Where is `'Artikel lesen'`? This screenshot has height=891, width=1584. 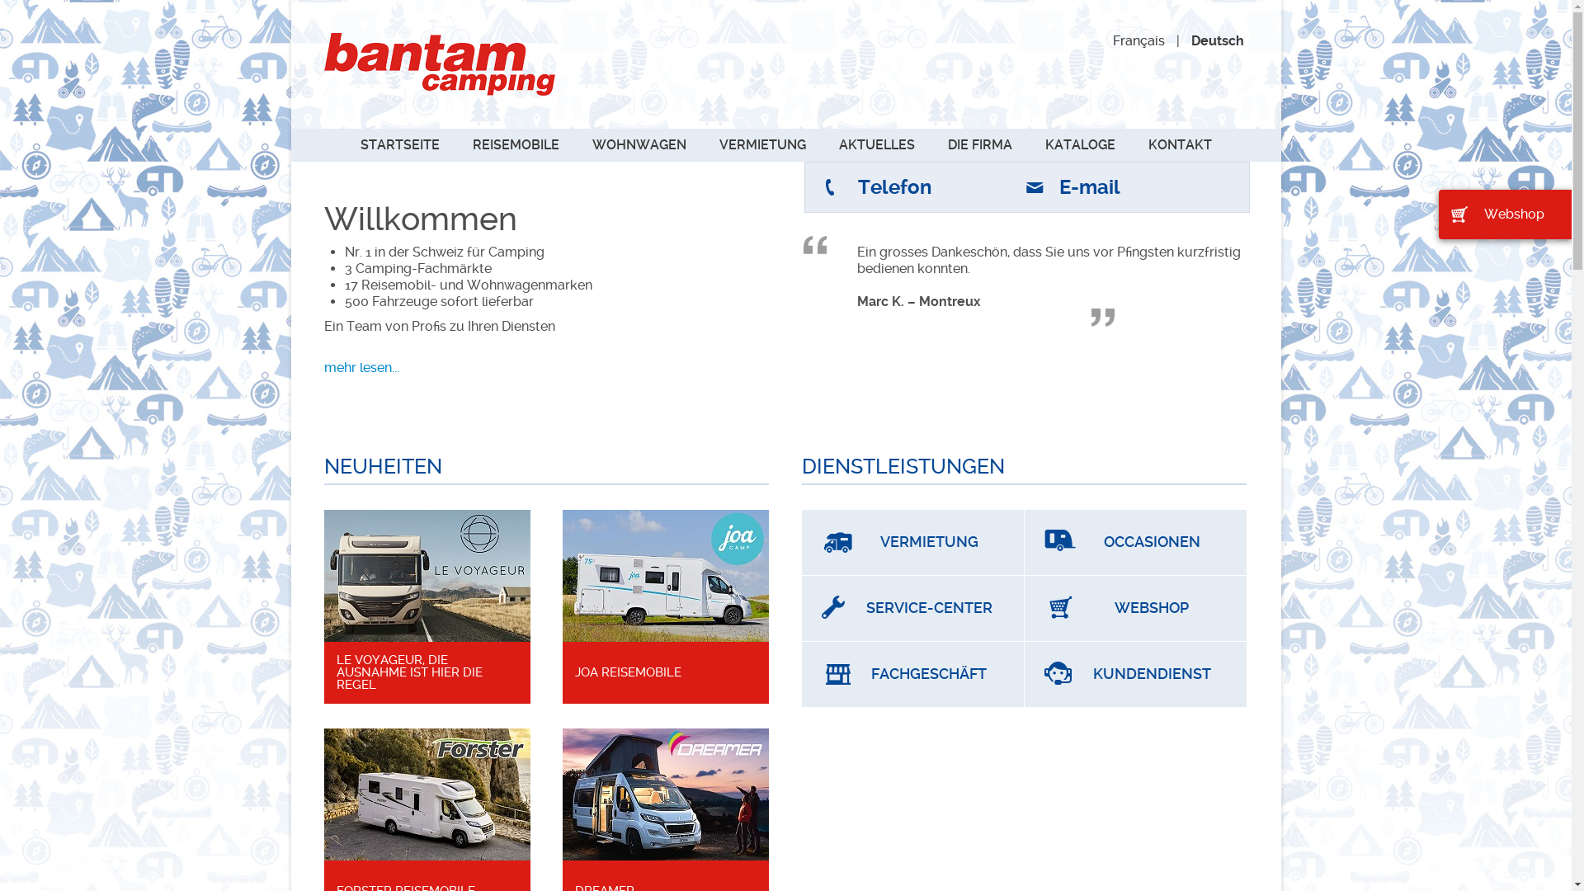
'Artikel lesen' is located at coordinates (427, 792).